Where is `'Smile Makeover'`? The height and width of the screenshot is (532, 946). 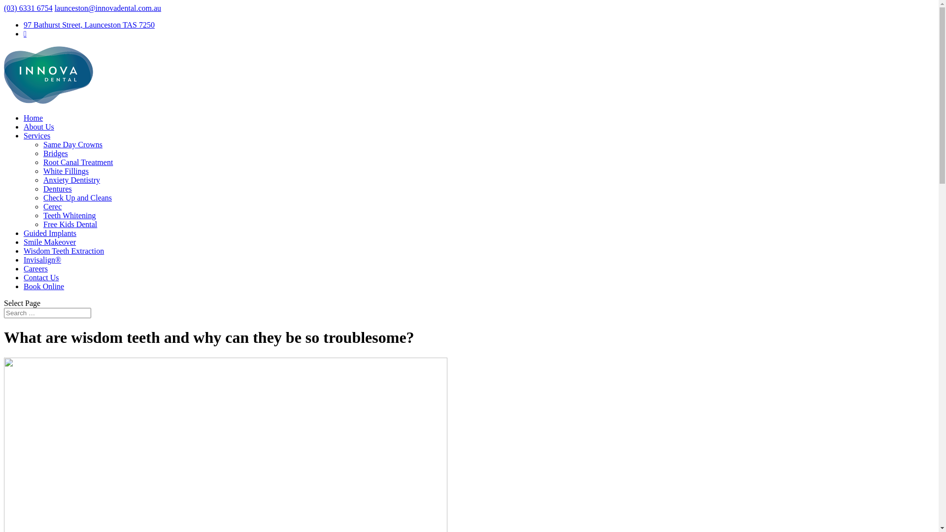
'Smile Makeover' is located at coordinates (49, 242).